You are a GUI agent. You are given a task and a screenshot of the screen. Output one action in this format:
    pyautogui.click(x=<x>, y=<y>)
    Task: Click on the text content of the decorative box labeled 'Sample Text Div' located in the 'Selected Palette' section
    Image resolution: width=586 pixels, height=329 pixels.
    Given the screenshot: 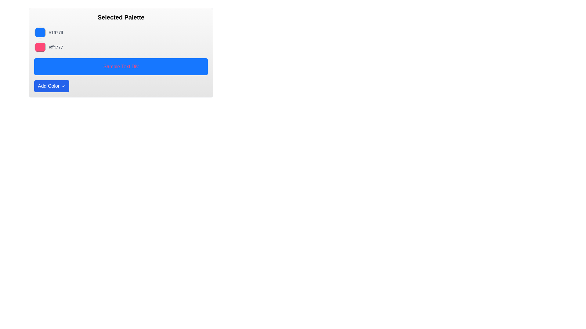 What is the action you would take?
    pyautogui.click(x=121, y=67)
    